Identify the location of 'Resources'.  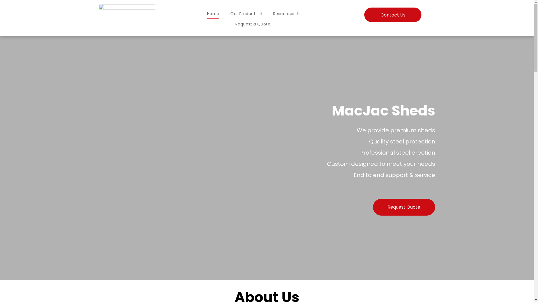
(286, 13).